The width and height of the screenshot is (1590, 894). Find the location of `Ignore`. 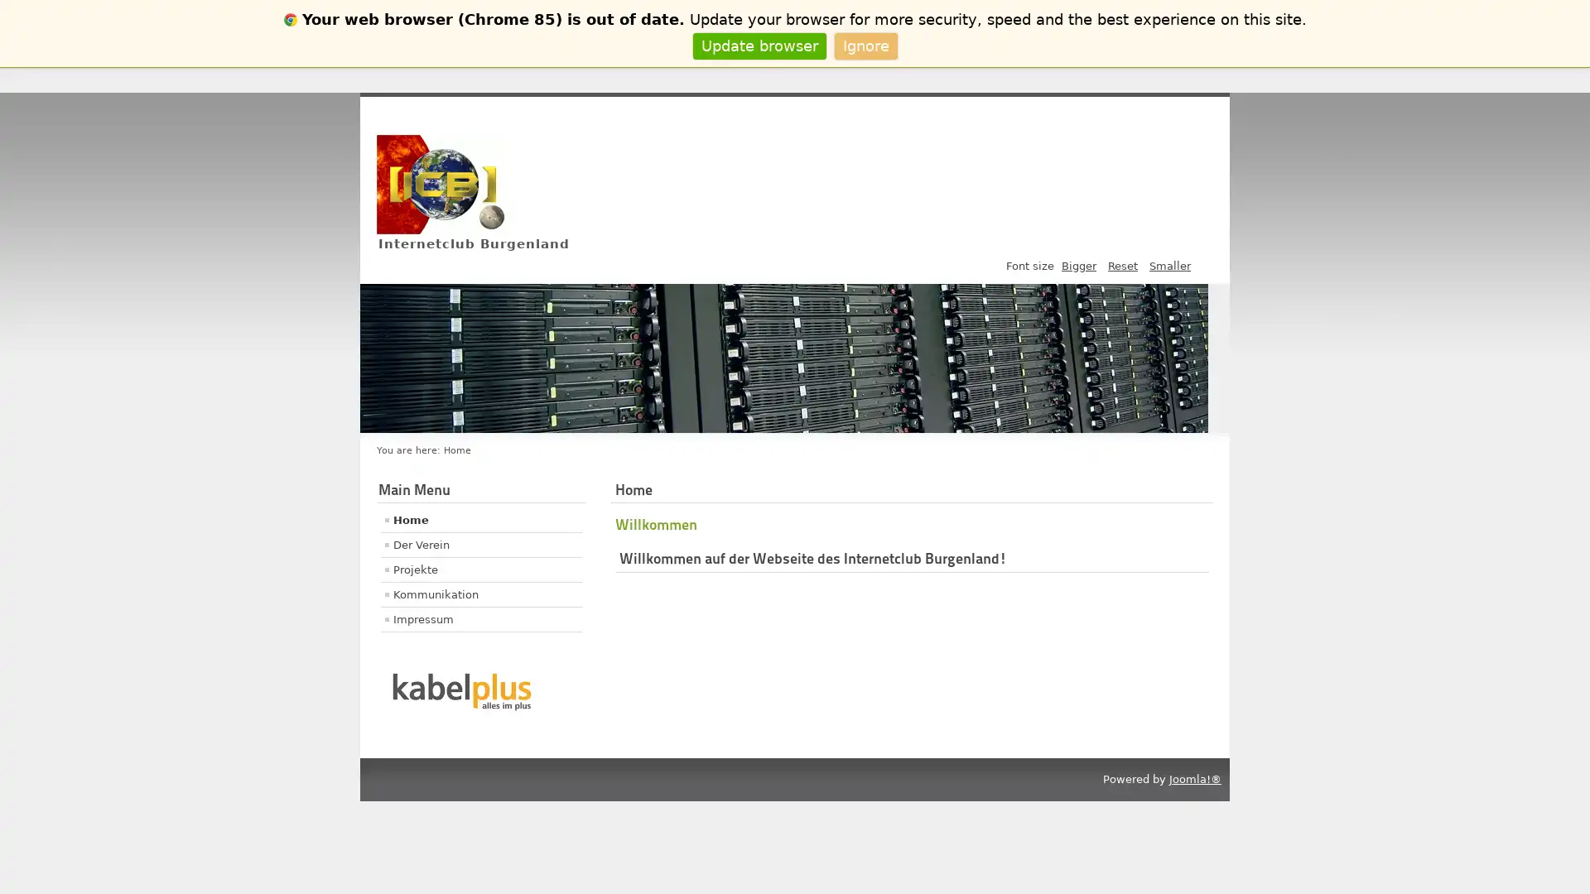

Ignore is located at coordinates (865, 45).